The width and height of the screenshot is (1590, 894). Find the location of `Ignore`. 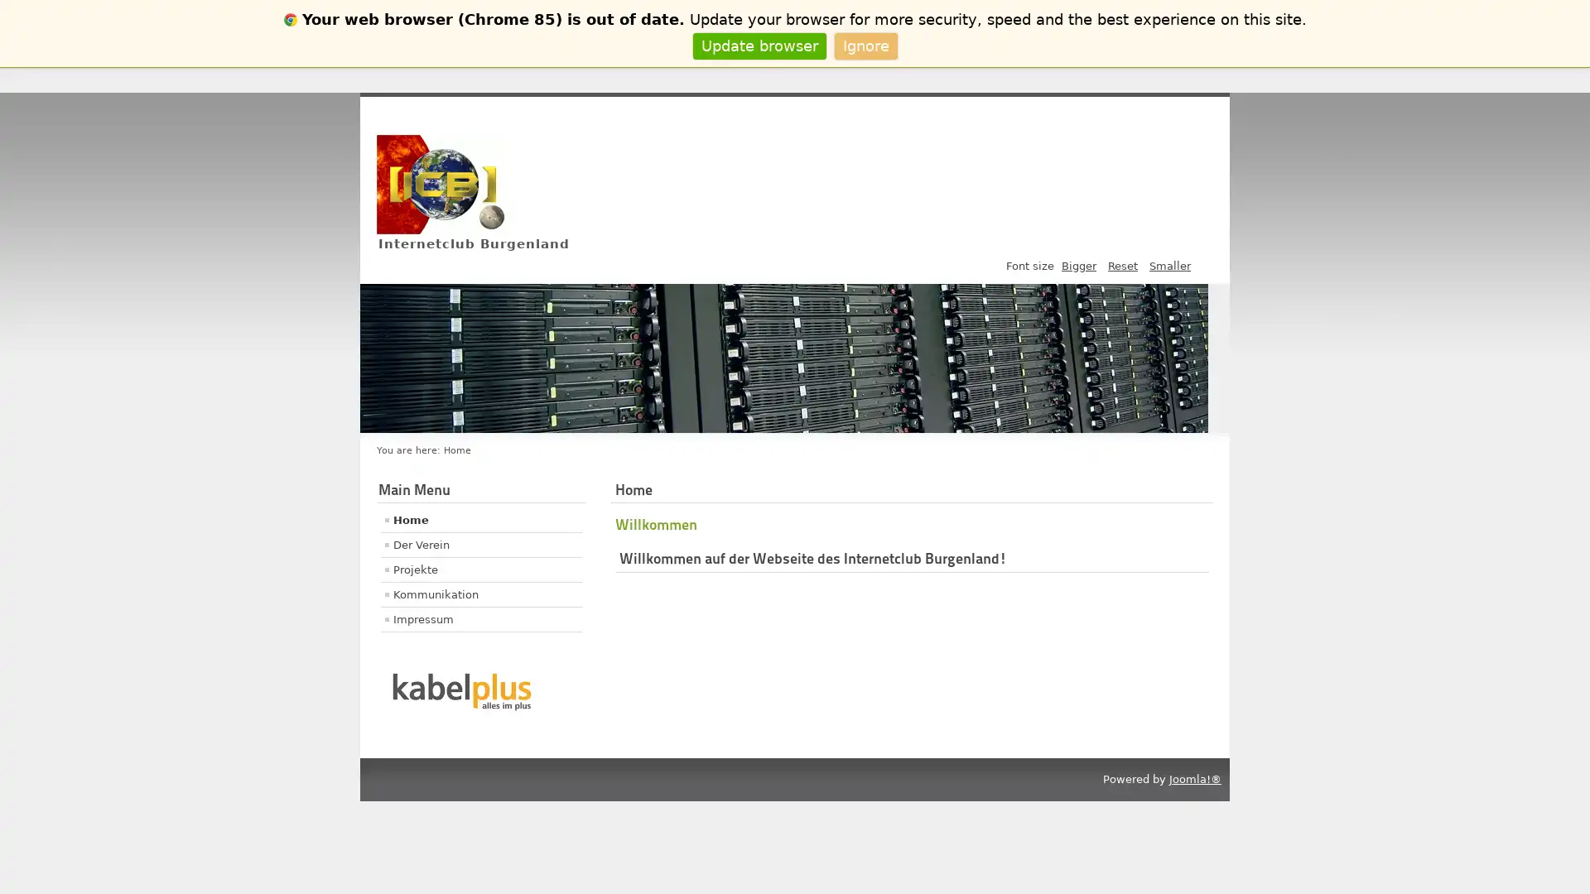

Ignore is located at coordinates (865, 45).